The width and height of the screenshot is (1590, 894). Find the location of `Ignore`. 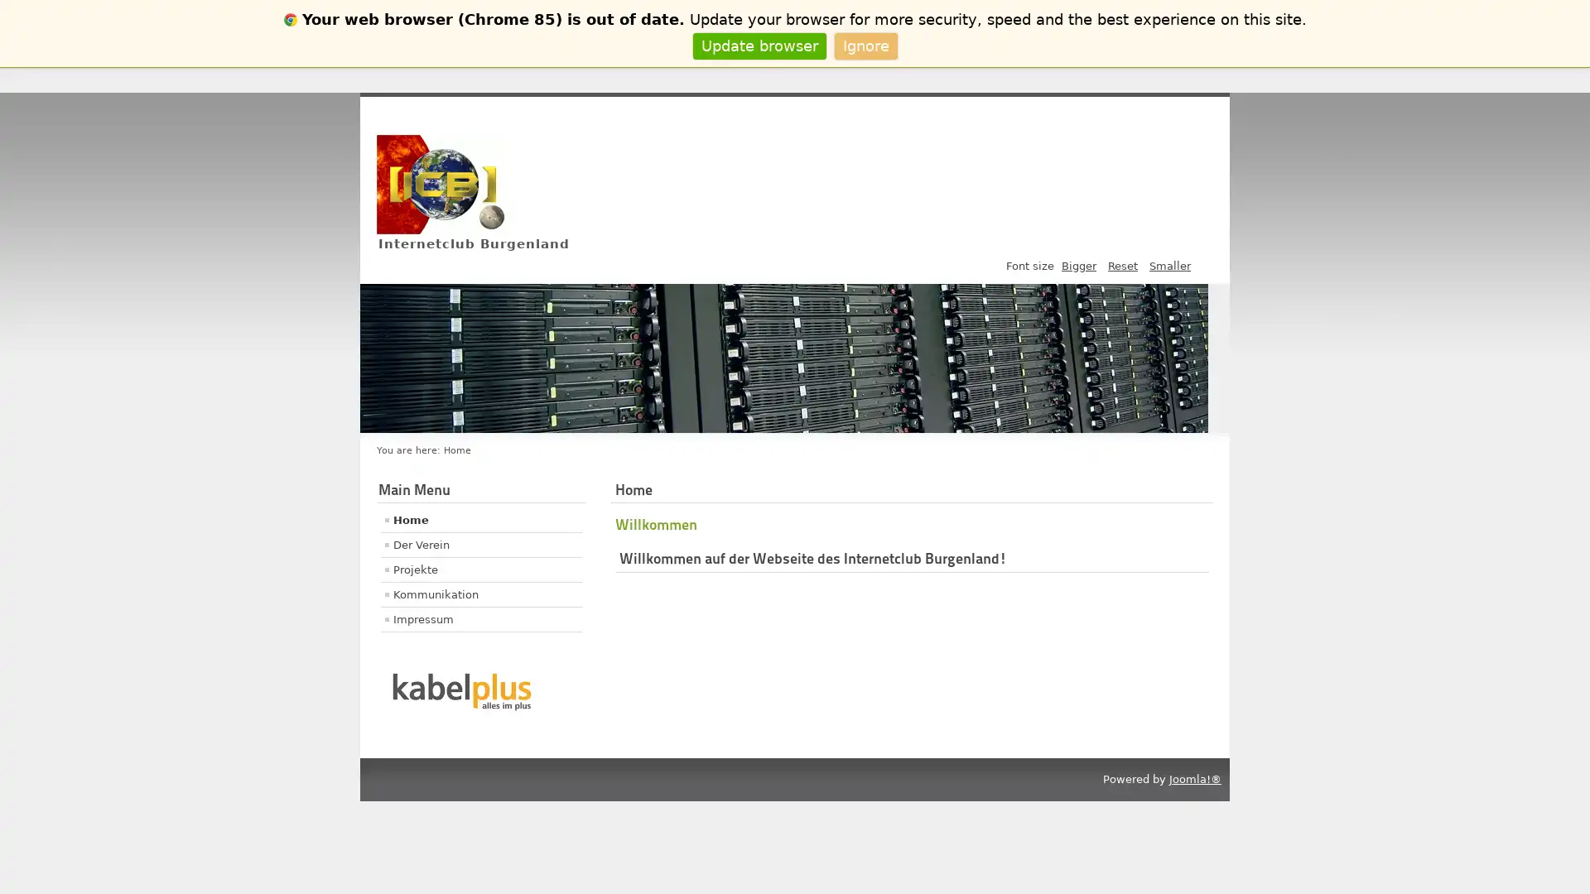

Ignore is located at coordinates (865, 45).